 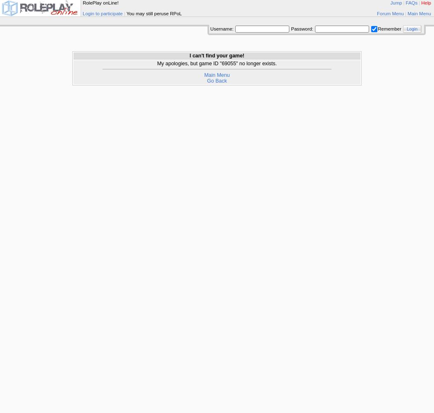 I want to click on 'Remember', so click(x=389, y=28).